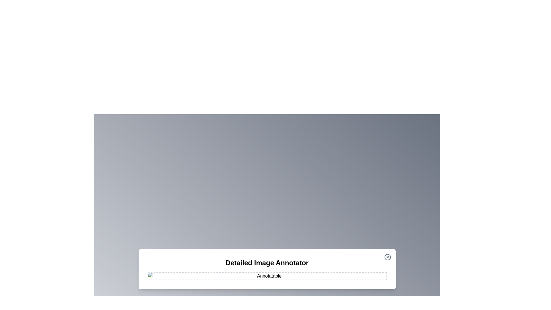  Describe the element at coordinates (332, 278) in the screenshot. I see `the image at coordinates (1158, 968) to add an annotation` at that location.